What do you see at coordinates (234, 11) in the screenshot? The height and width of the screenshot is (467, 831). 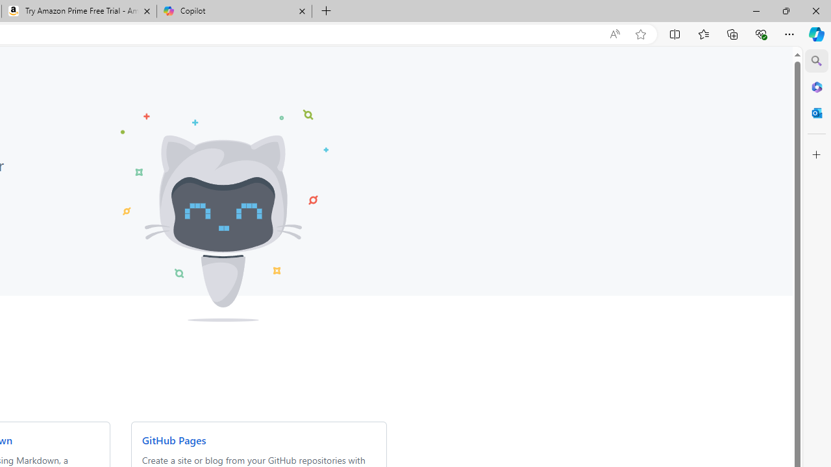 I see `'Copilot'` at bounding box center [234, 11].